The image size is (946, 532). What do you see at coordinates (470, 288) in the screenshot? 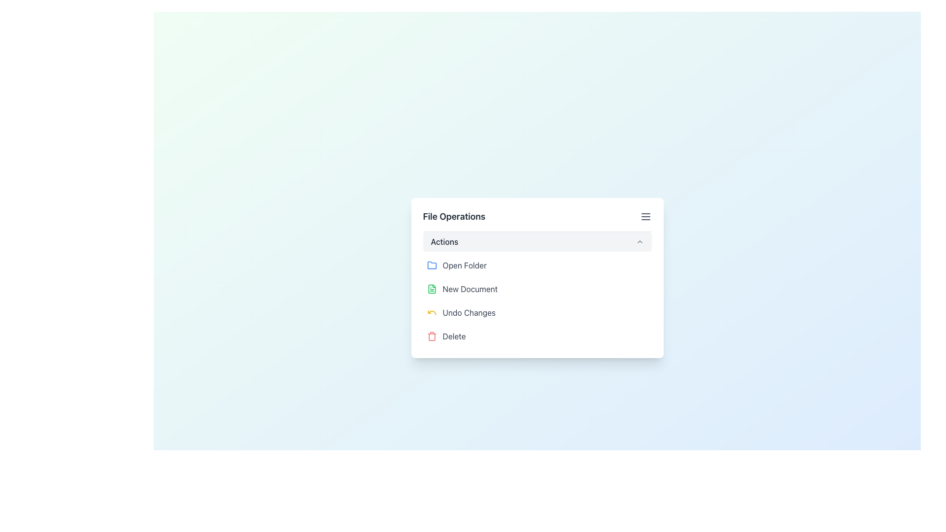
I see `the 'New Document' label, which is styled in gray and positioned as the second item in the 'File Operations' dialog box, accompanied by a green icon` at bounding box center [470, 288].